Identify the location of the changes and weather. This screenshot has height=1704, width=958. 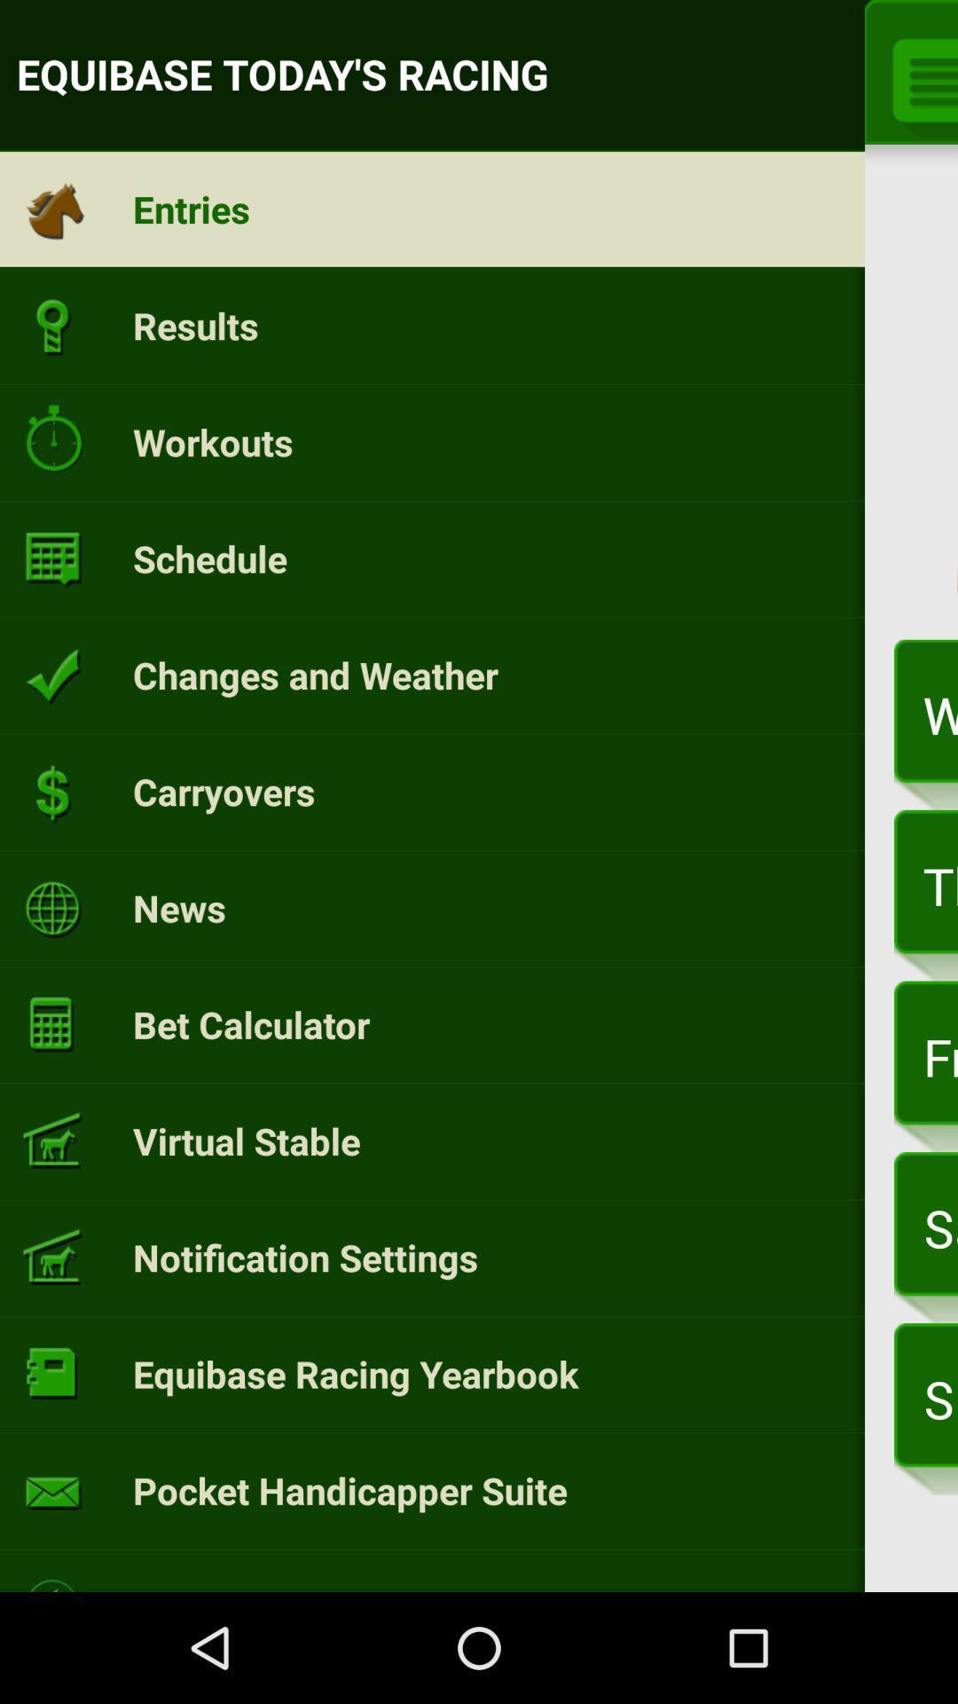
(314, 674).